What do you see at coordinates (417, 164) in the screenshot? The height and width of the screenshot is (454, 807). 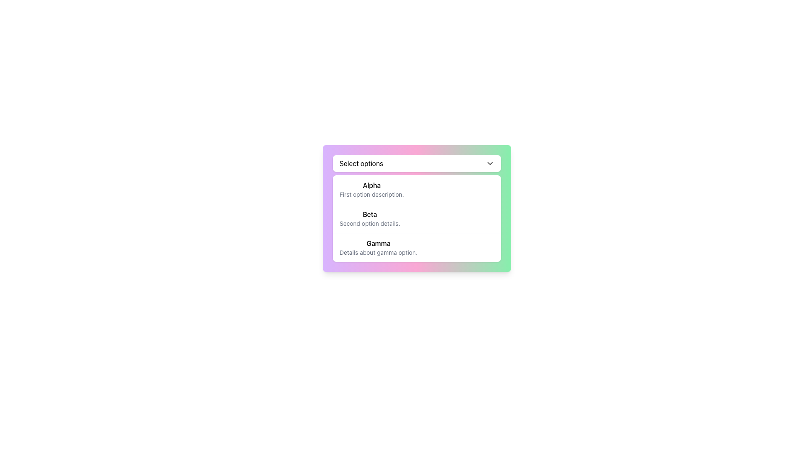 I see `the dropdown menu trigger labeled 'Select options'` at bounding box center [417, 164].